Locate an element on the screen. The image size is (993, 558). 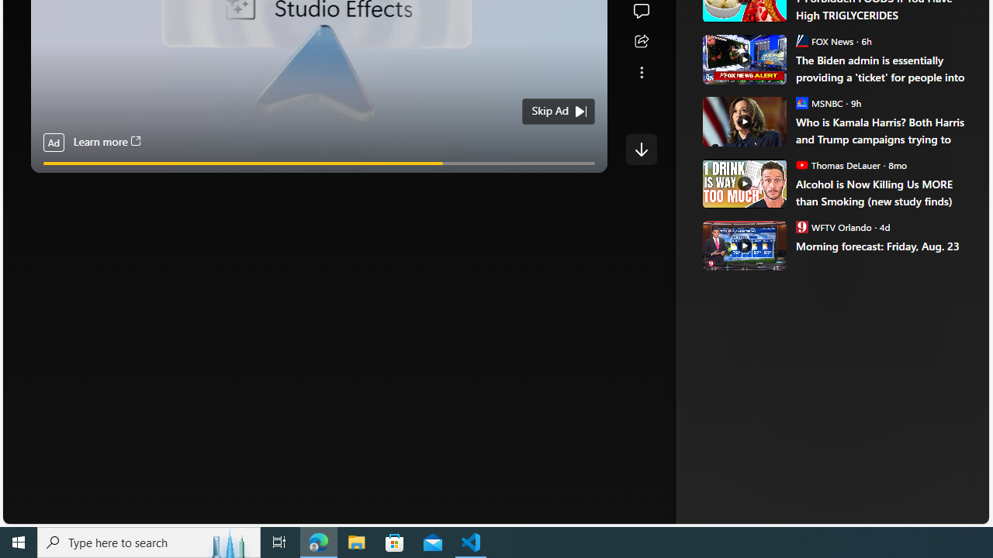
'video progress bar' is located at coordinates (318, 164).